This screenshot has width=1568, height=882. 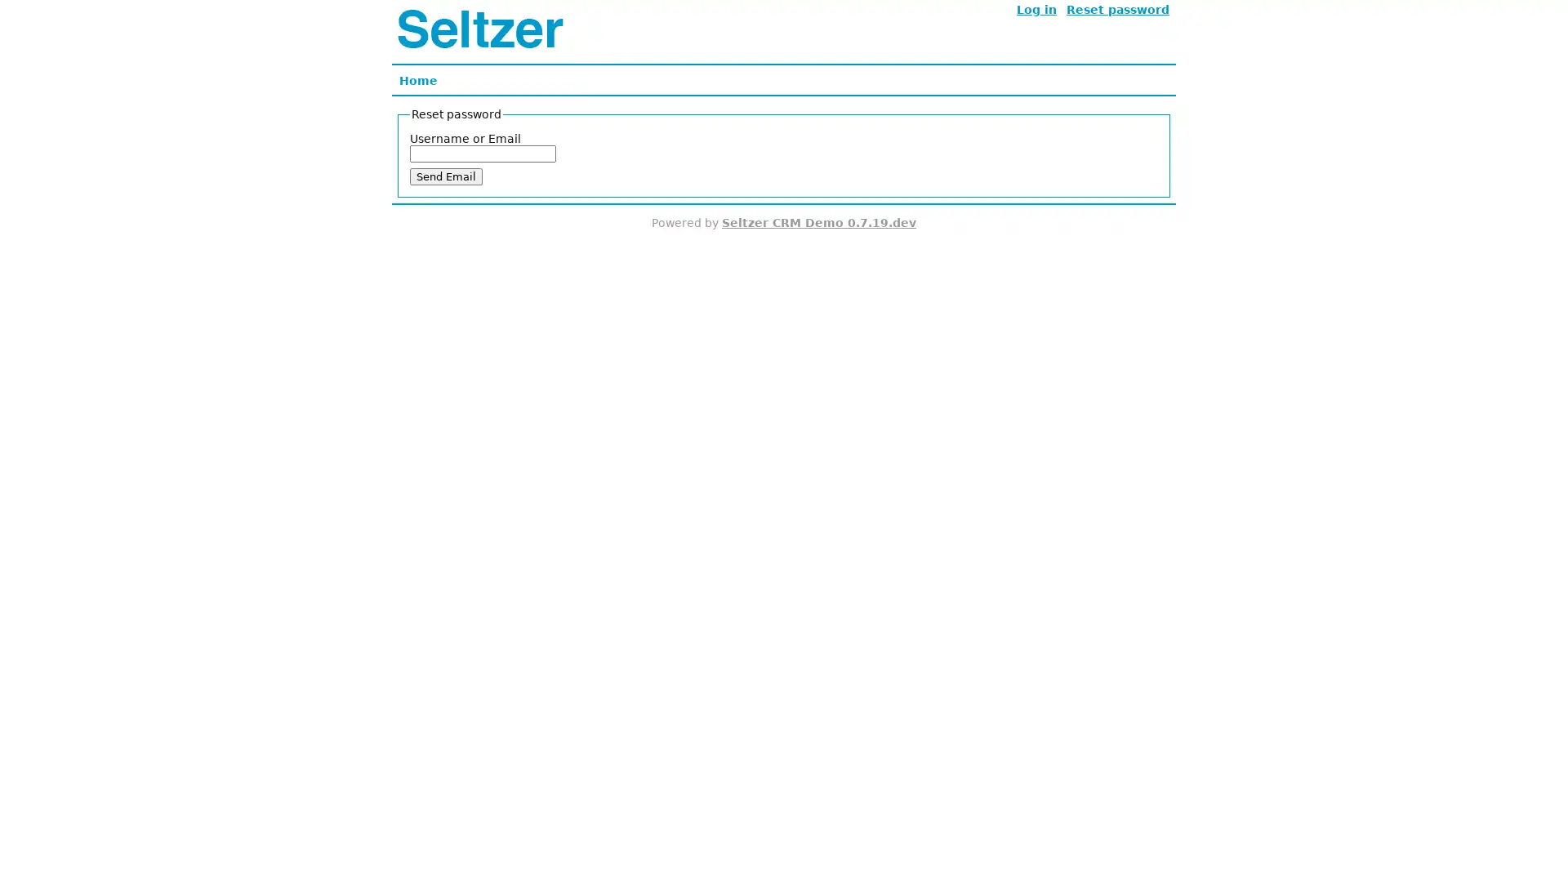 What do you see at coordinates (446, 176) in the screenshot?
I see `Send Email` at bounding box center [446, 176].